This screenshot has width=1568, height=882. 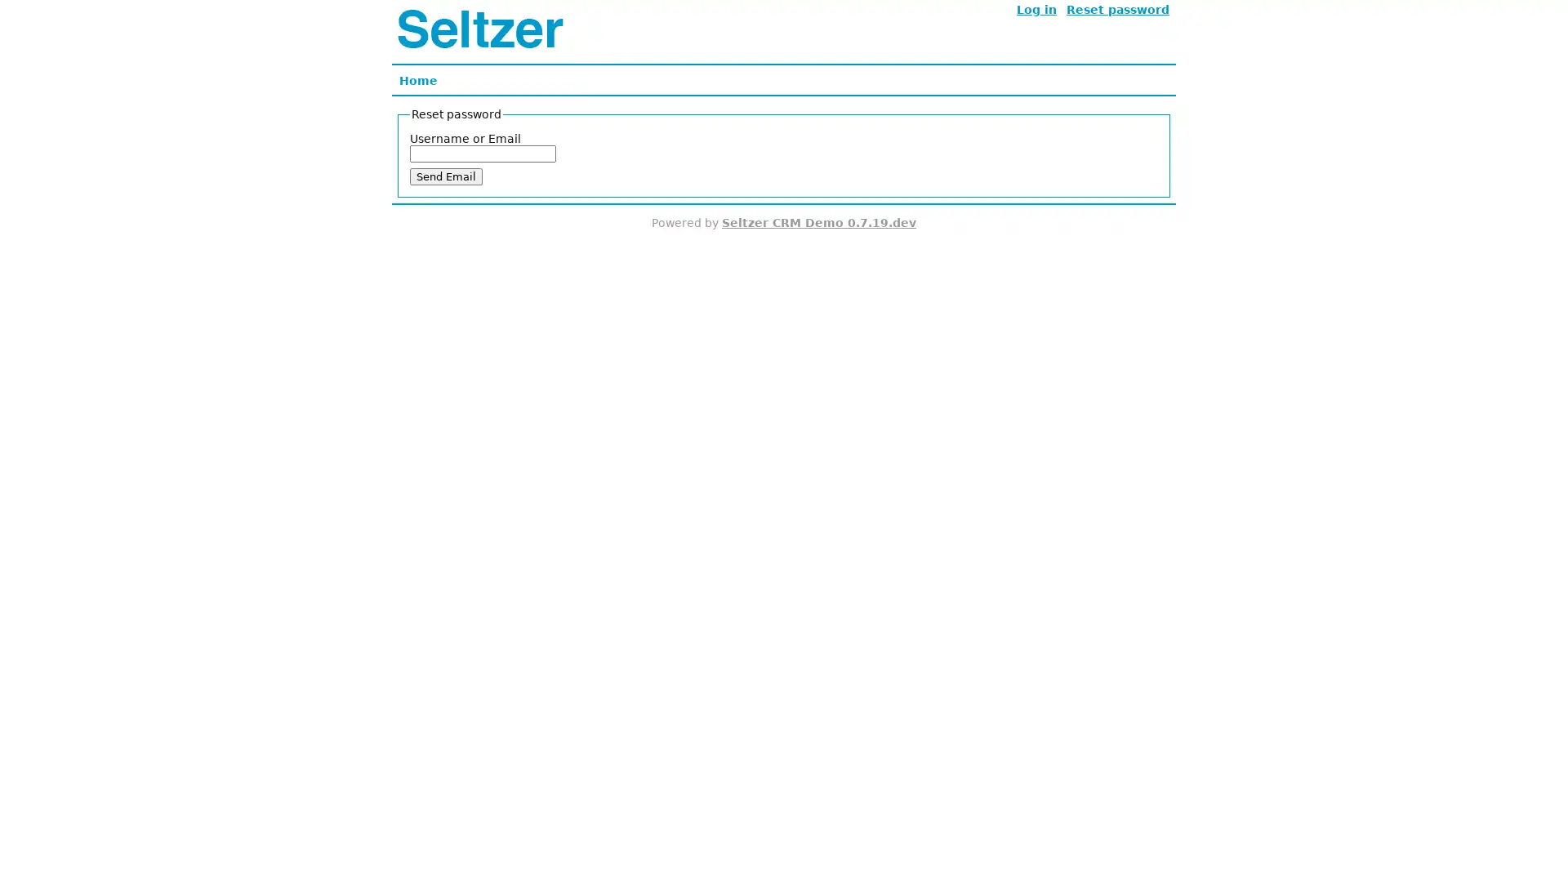 What do you see at coordinates (446, 176) in the screenshot?
I see `Send Email` at bounding box center [446, 176].